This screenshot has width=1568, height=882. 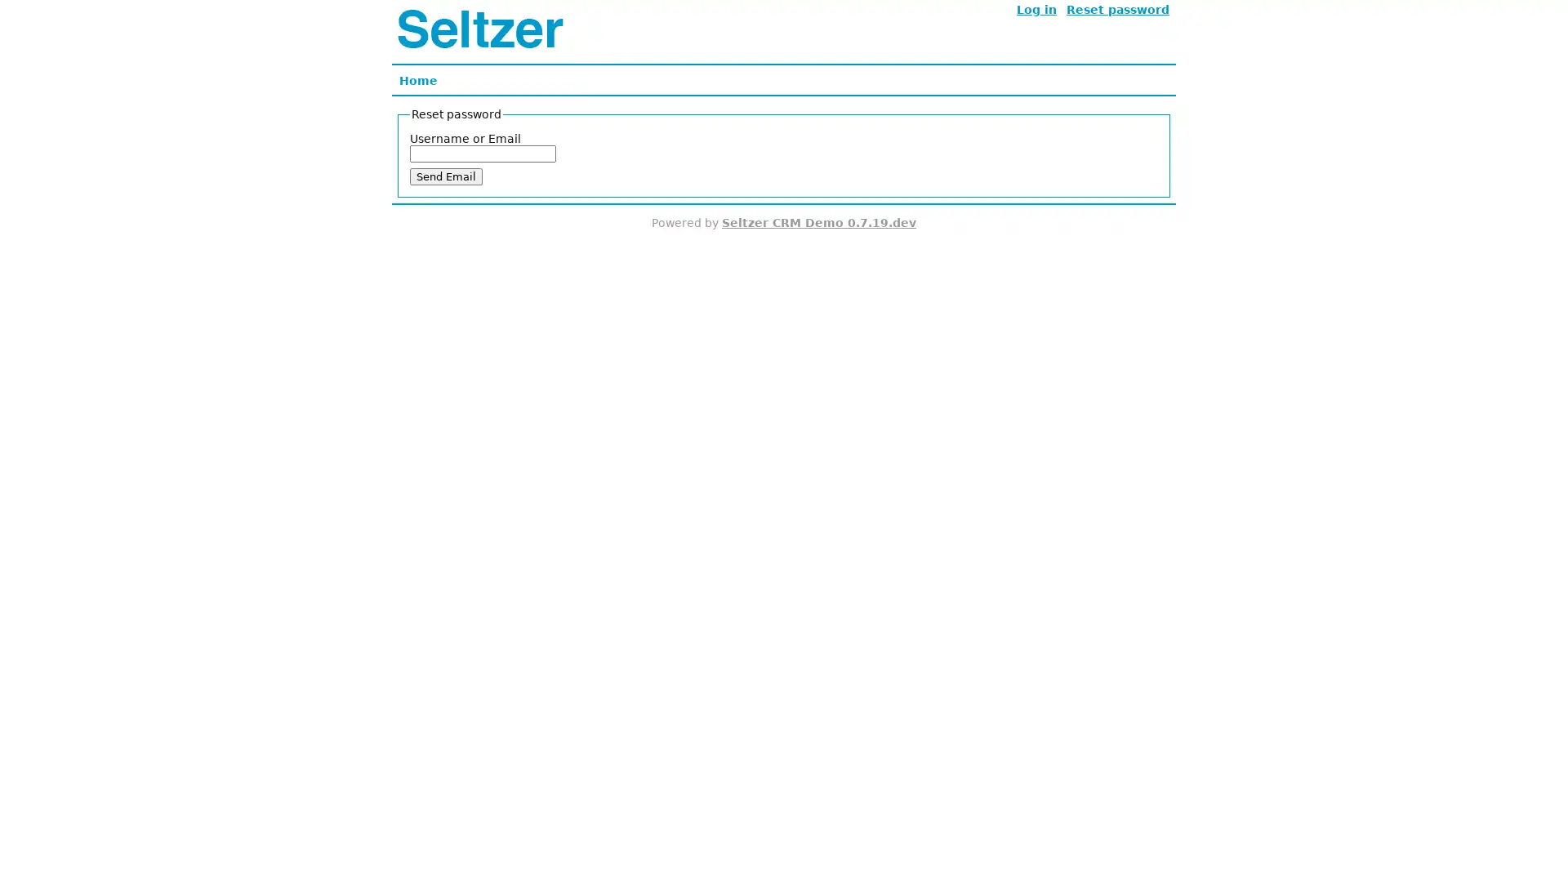 What do you see at coordinates (446, 176) in the screenshot?
I see `Send Email` at bounding box center [446, 176].